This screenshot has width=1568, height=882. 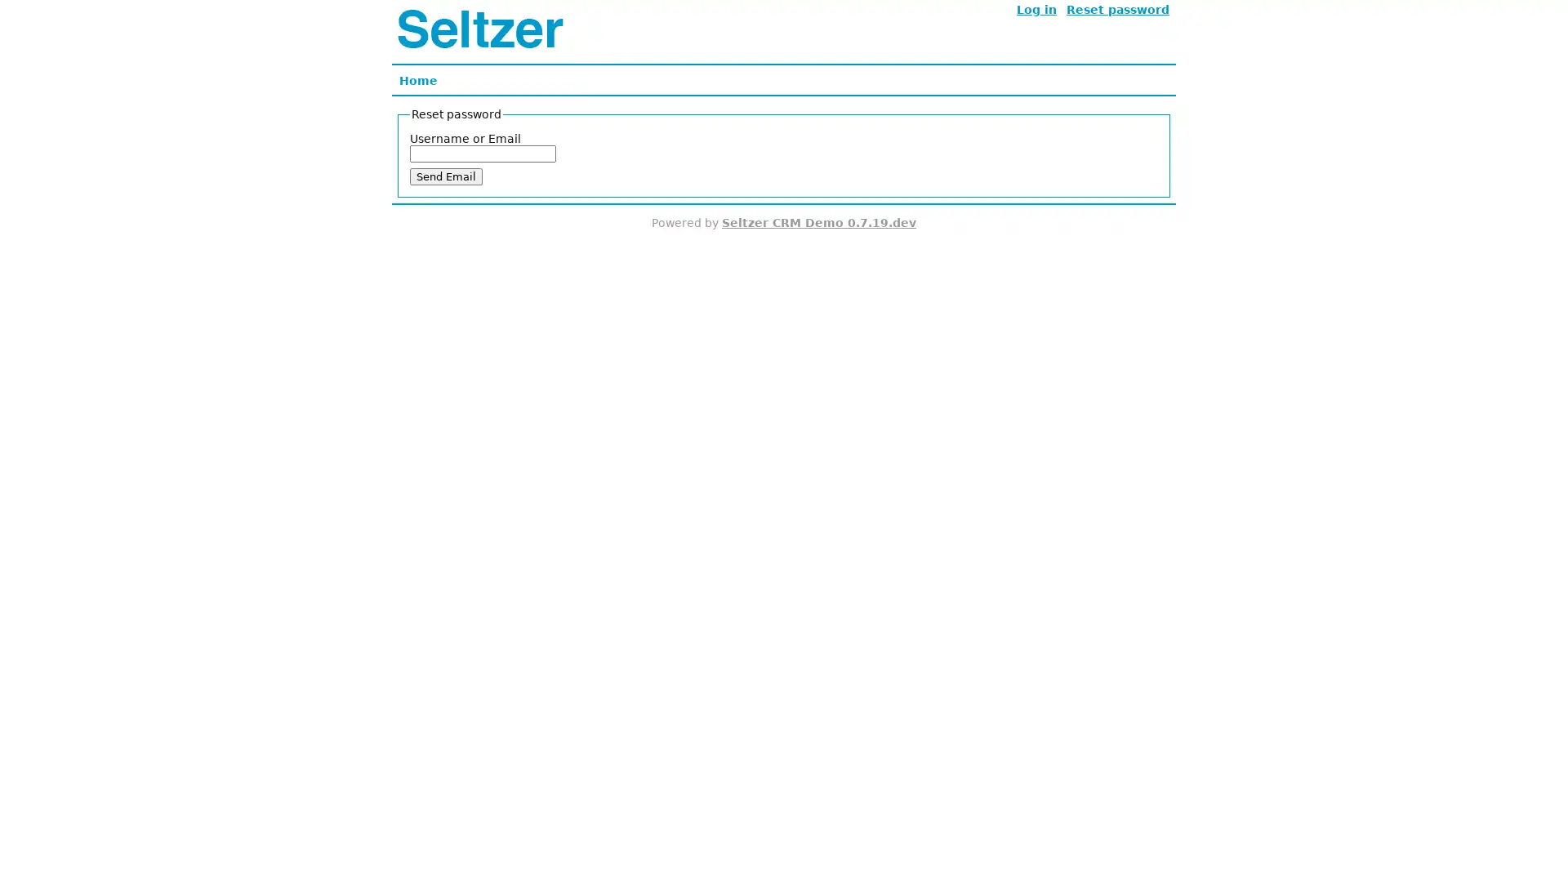 What do you see at coordinates (446, 176) in the screenshot?
I see `Send Email` at bounding box center [446, 176].